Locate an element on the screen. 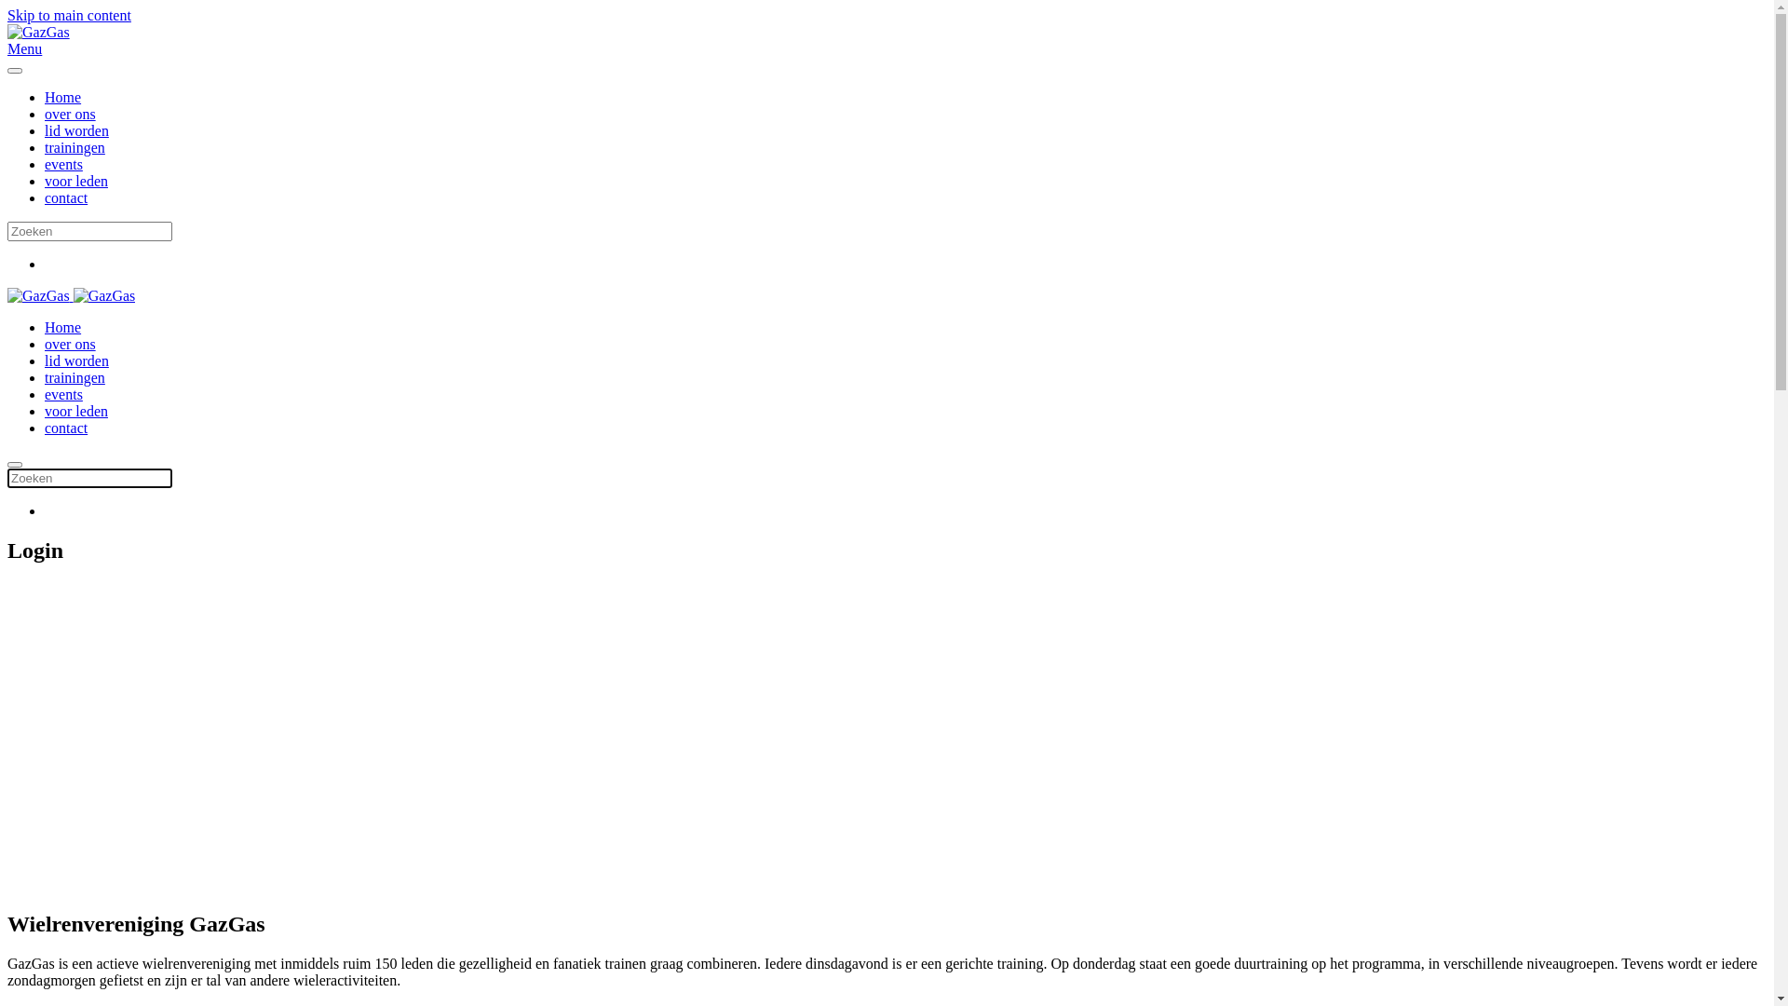 This screenshot has height=1006, width=1788. 'contact' is located at coordinates (66, 428).